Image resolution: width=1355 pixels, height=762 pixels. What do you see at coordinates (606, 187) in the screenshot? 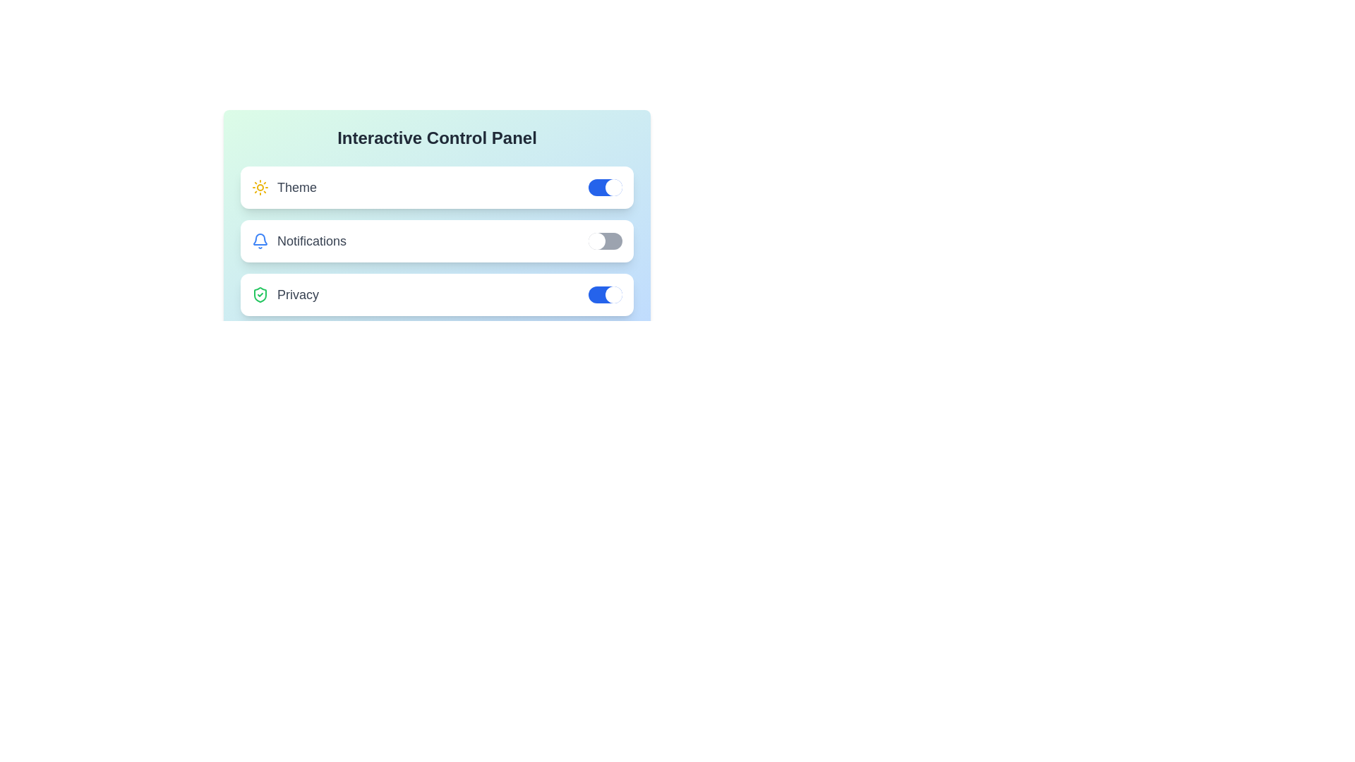
I see `the theme switch to toggle its state` at bounding box center [606, 187].